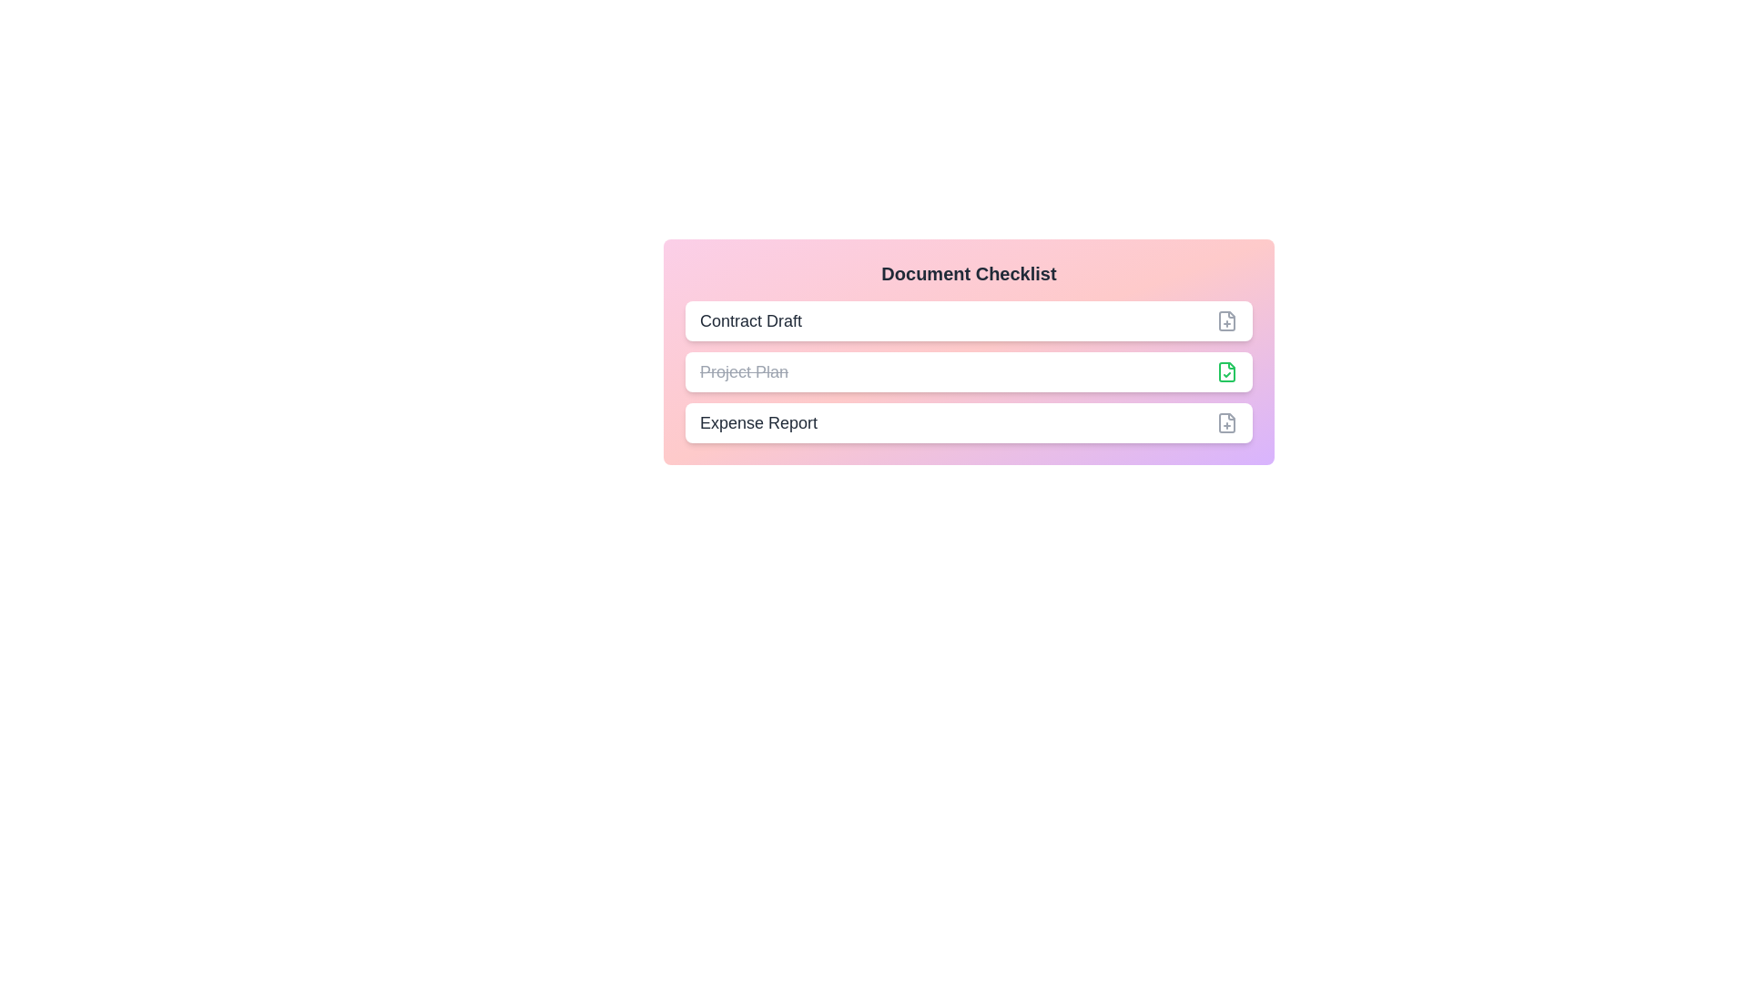 The height and width of the screenshot is (983, 1748). I want to click on toggle button for the document titled 'Contract Draft' to change its completion status, so click(1227, 320).